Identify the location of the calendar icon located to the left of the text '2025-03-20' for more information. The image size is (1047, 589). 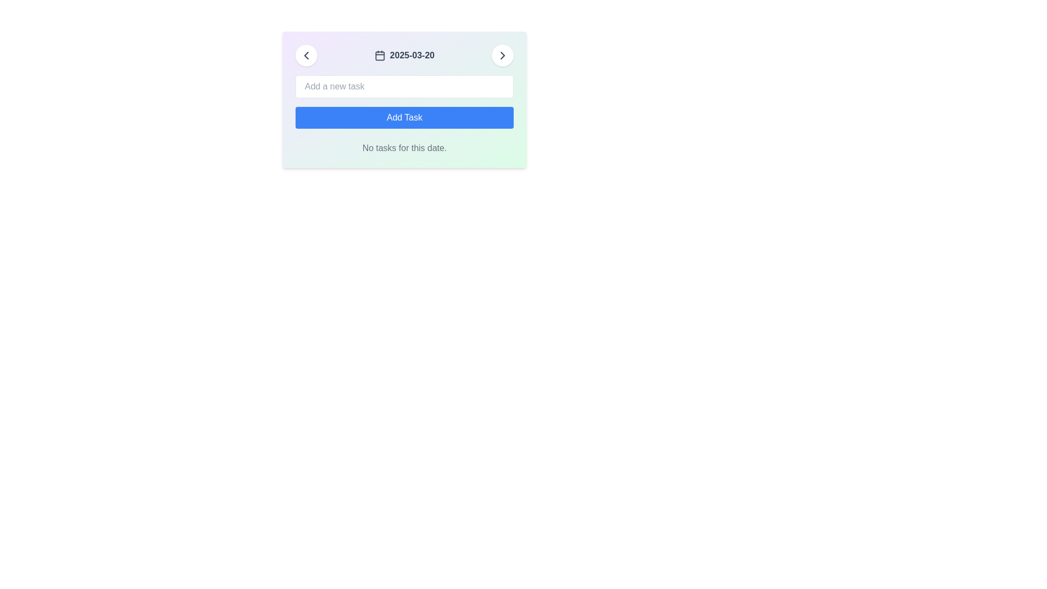
(380, 55).